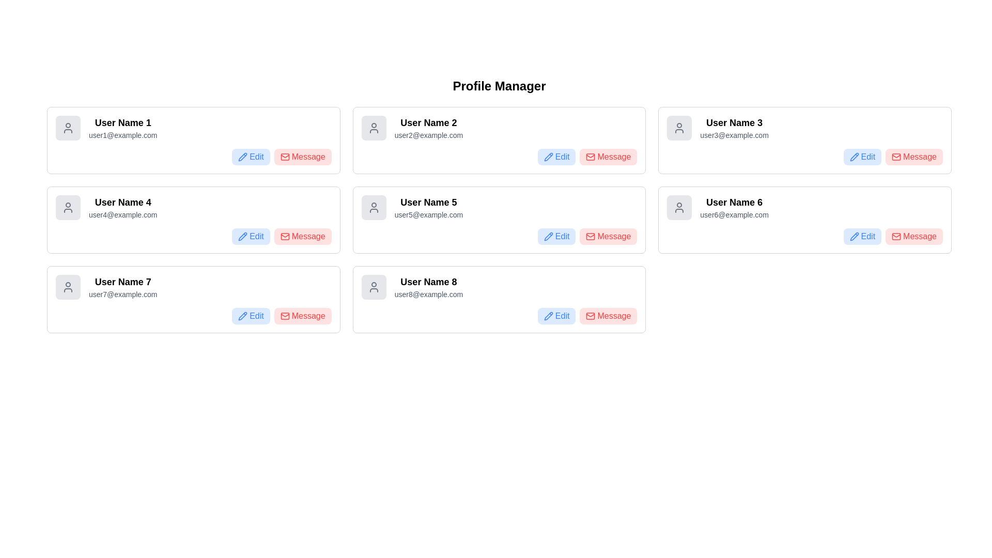  Describe the element at coordinates (914, 157) in the screenshot. I see `the message button located in the top-right corner of 'User Name 3's profile card` at that location.